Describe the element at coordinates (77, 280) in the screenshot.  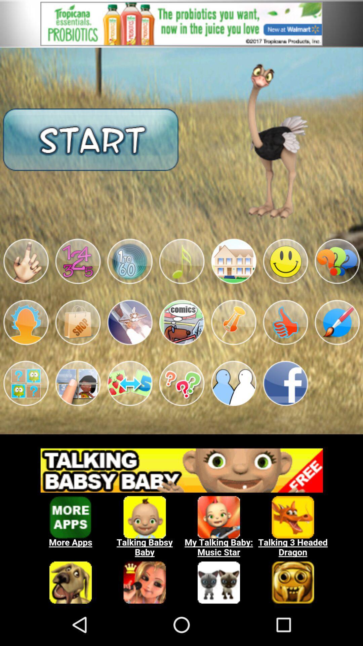
I see `the add icon` at that location.